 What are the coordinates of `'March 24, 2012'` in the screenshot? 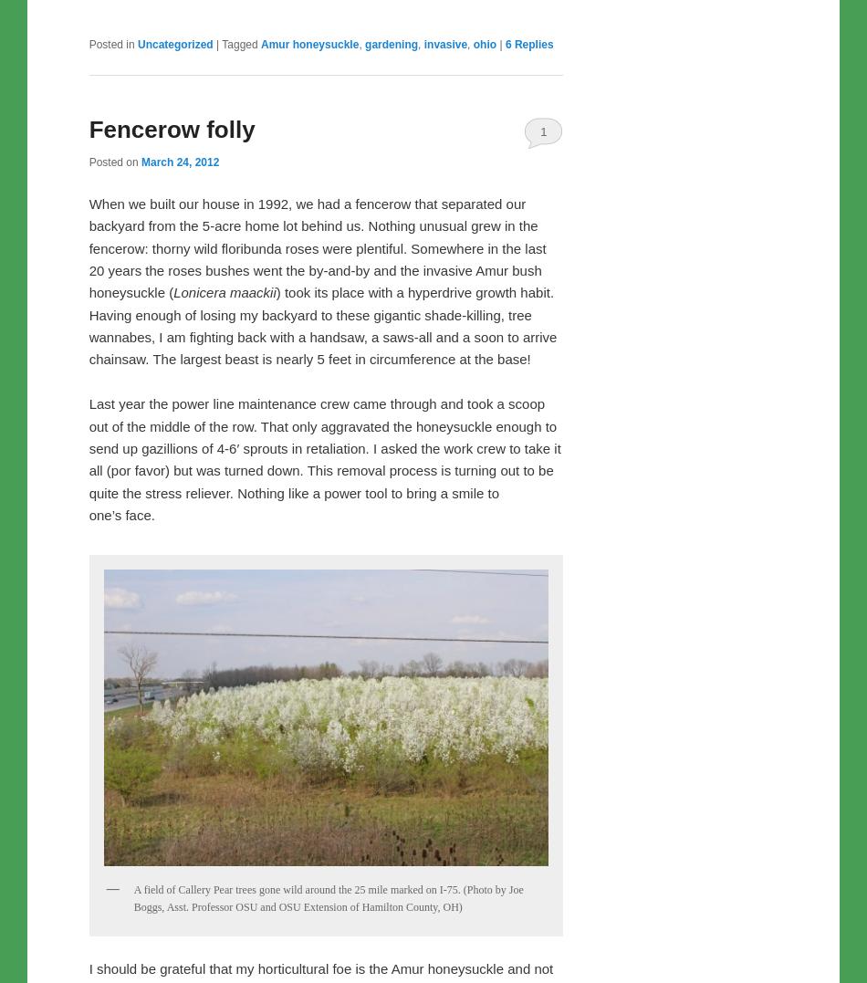 It's located at (141, 162).